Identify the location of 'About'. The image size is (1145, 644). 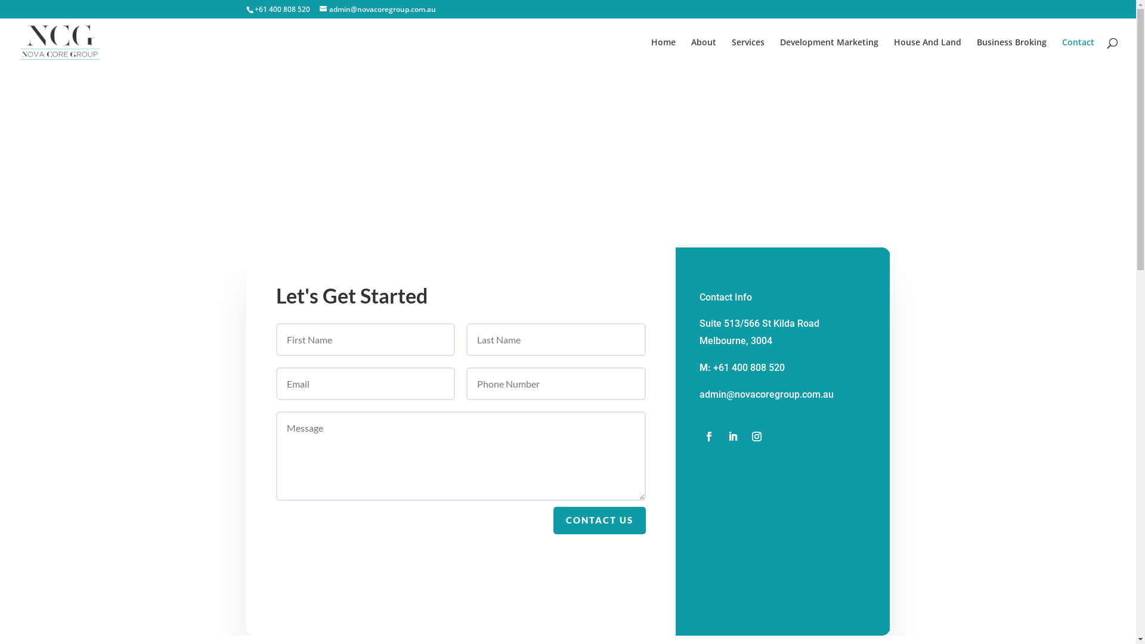
(704, 51).